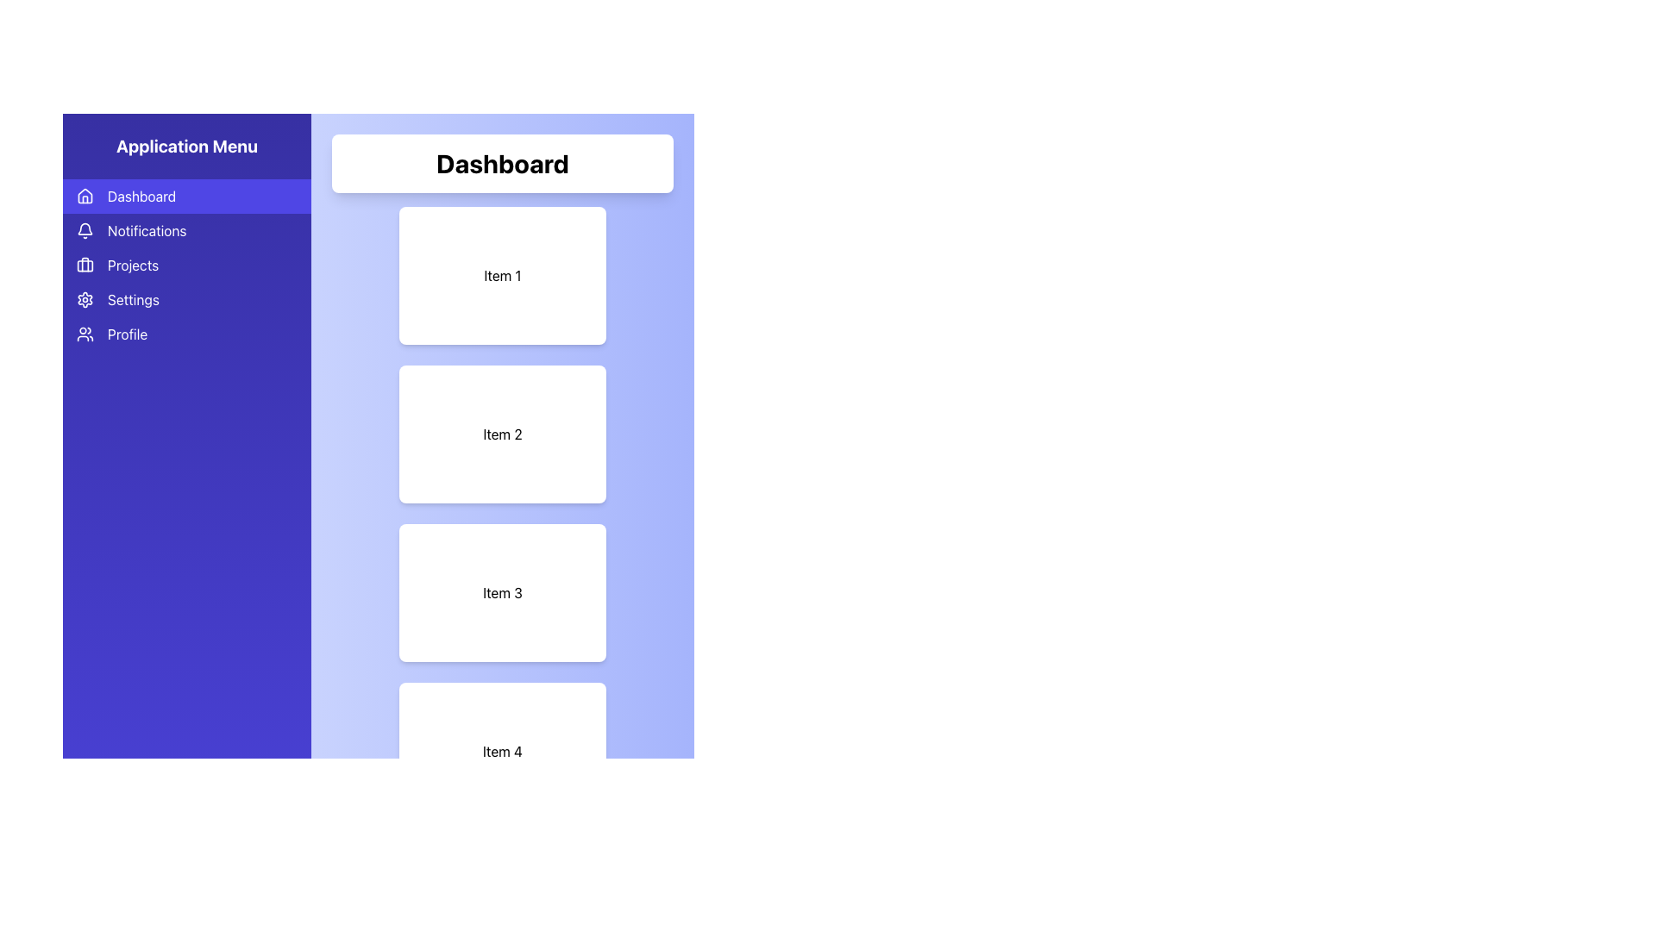 The image size is (1656, 931). What do you see at coordinates (85, 298) in the screenshot?
I see `the gear icon located in the middle of the vertical menu panel` at bounding box center [85, 298].